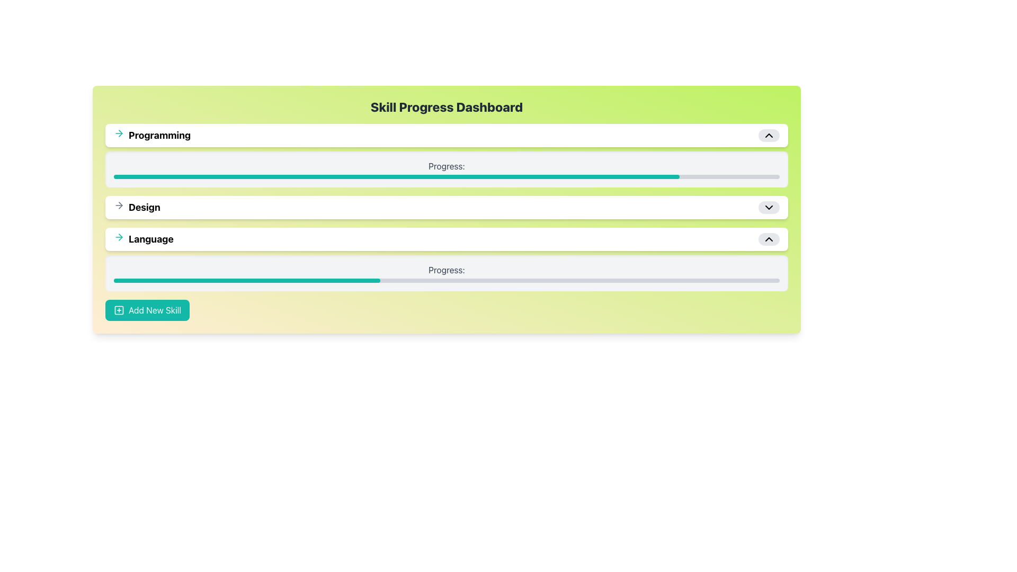 The image size is (1017, 572). I want to click on the 'Language' label with the teal arrow icon to initiate the same interaction, so click(143, 239).